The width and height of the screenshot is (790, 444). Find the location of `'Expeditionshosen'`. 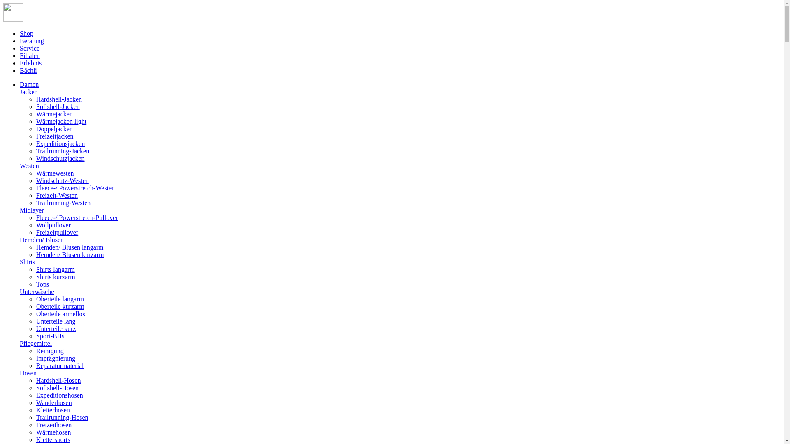

'Expeditionshosen' is located at coordinates (59, 395).